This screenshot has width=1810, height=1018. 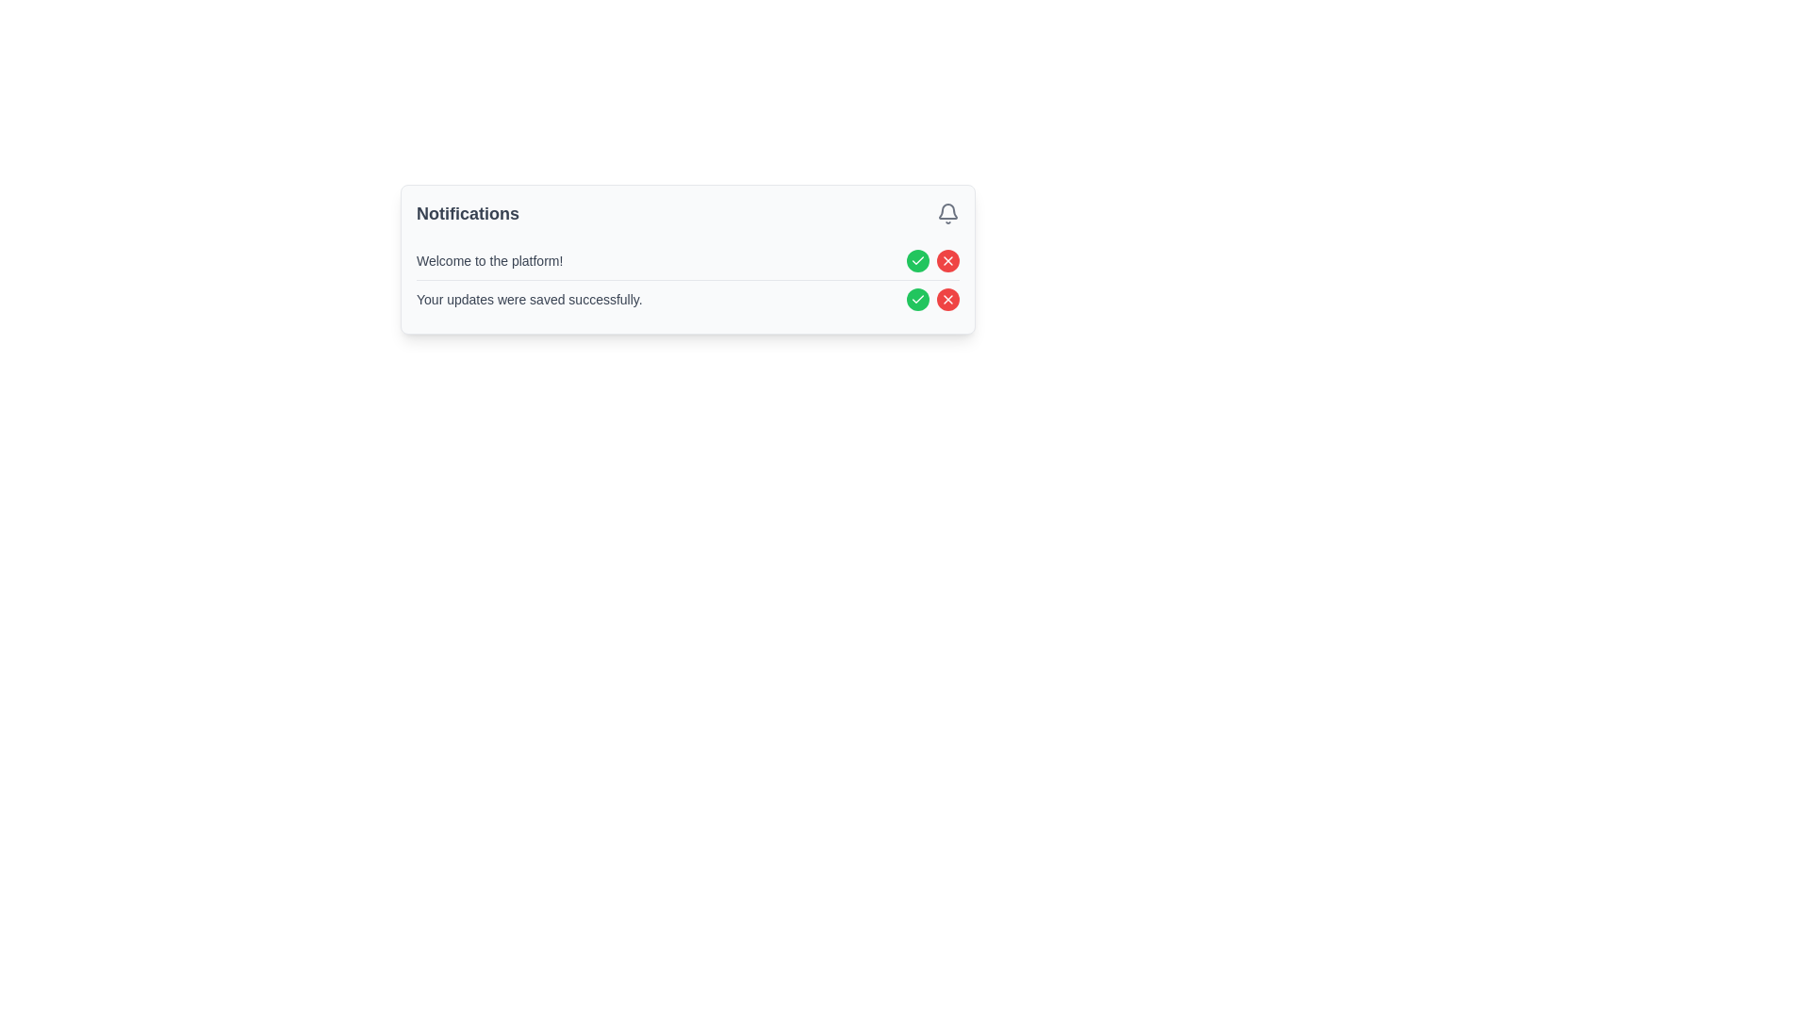 What do you see at coordinates (918, 298) in the screenshot?
I see `the green check icon located on the far right of the second row, next to the text 'Your updates were saved successfully.'` at bounding box center [918, 298].